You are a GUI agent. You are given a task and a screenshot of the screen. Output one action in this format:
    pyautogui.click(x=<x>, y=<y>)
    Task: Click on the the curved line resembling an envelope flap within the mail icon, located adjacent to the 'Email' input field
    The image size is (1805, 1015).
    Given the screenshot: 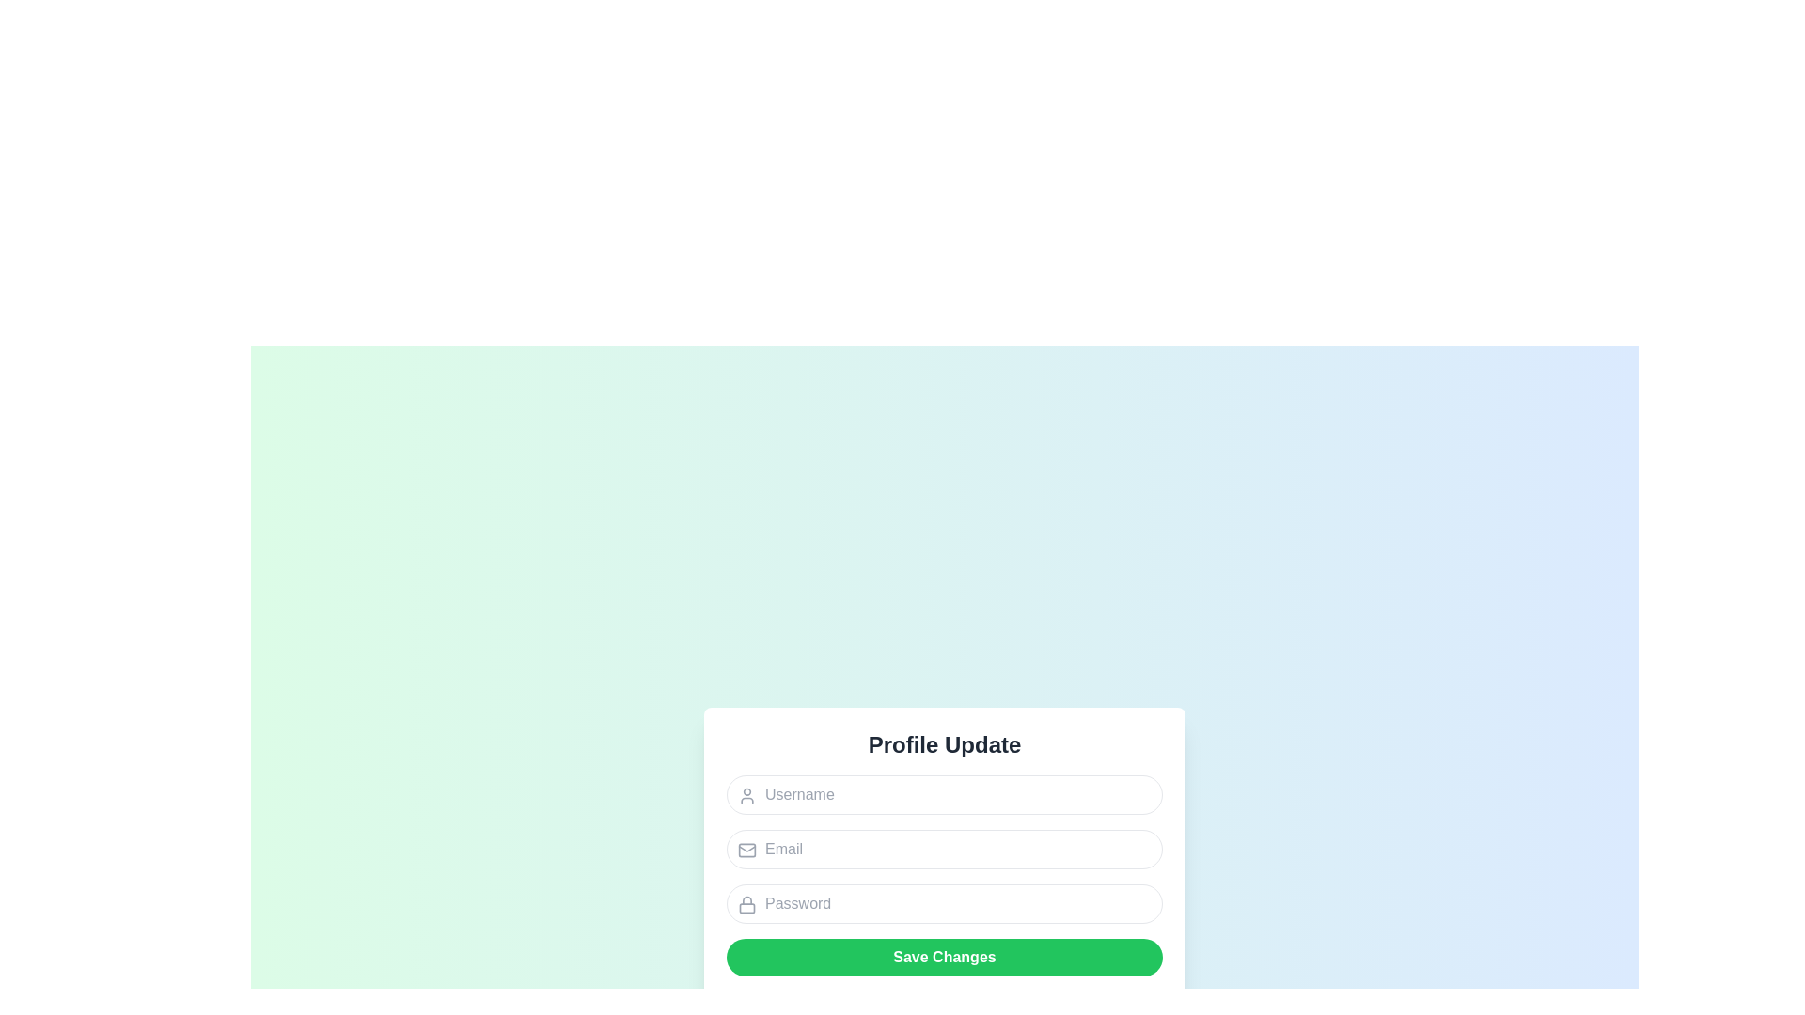 What is the action you would take?
    pyautogui.click(x=746, y=848)
    